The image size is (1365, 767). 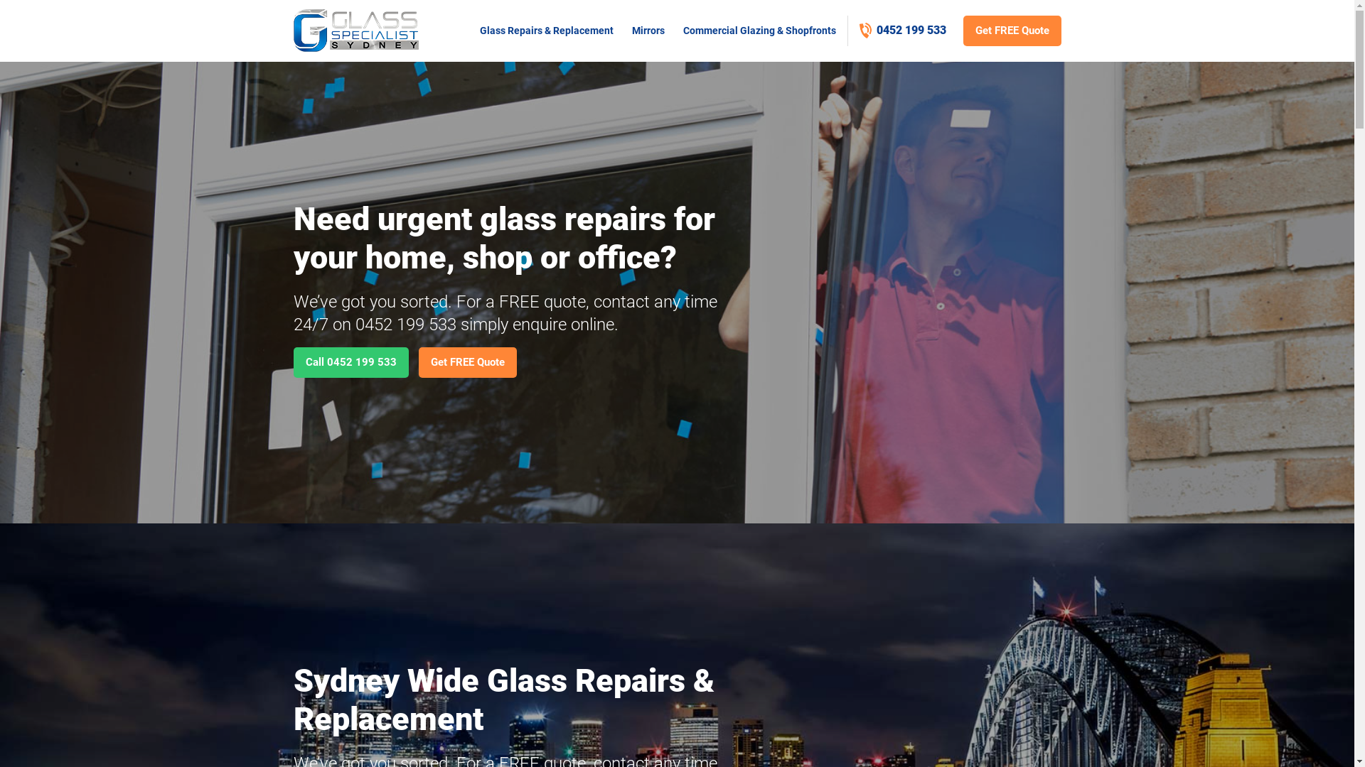 I want to click on 'Get FREE Quote', so click(x=467, y=361).